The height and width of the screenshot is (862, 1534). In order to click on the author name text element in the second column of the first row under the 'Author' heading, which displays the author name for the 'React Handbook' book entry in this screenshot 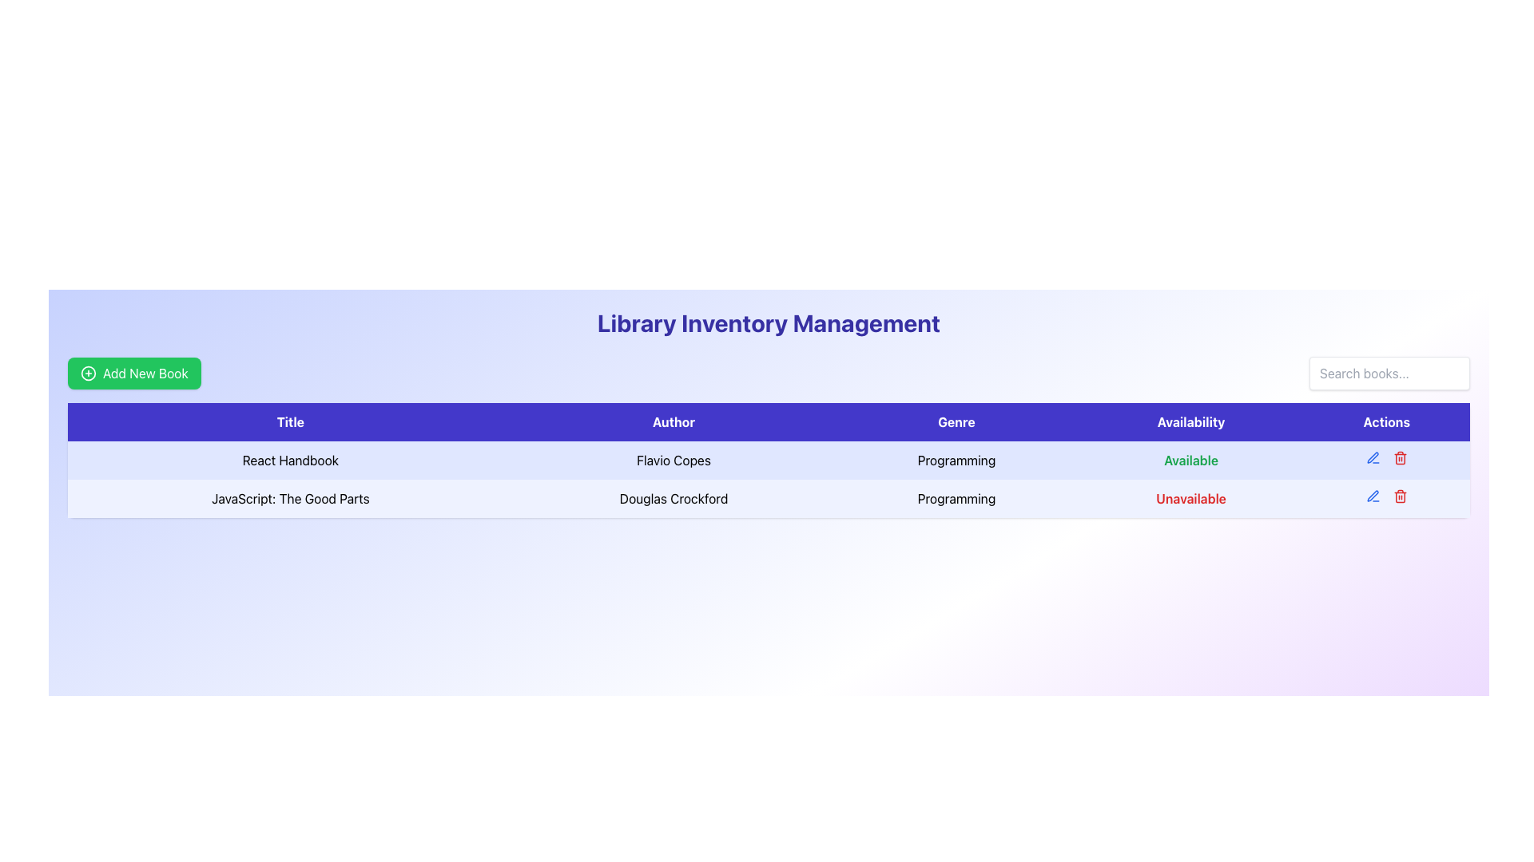, I will do `click(674, 461)`.